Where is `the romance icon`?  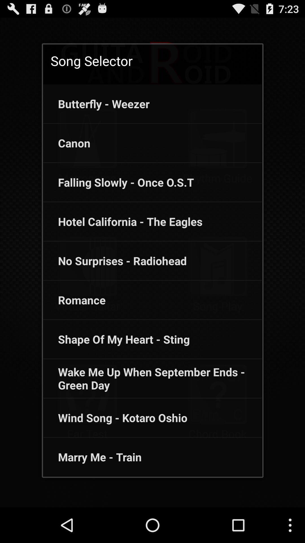
the romance icon is located at coordinates (74, 299).